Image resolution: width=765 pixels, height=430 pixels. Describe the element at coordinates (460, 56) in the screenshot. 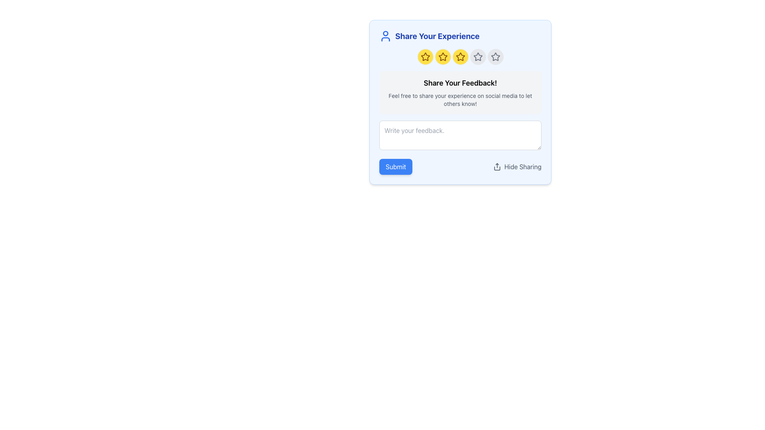

I see `a star in the Rating Component located within the 'Share Your Experience' card` at that location.